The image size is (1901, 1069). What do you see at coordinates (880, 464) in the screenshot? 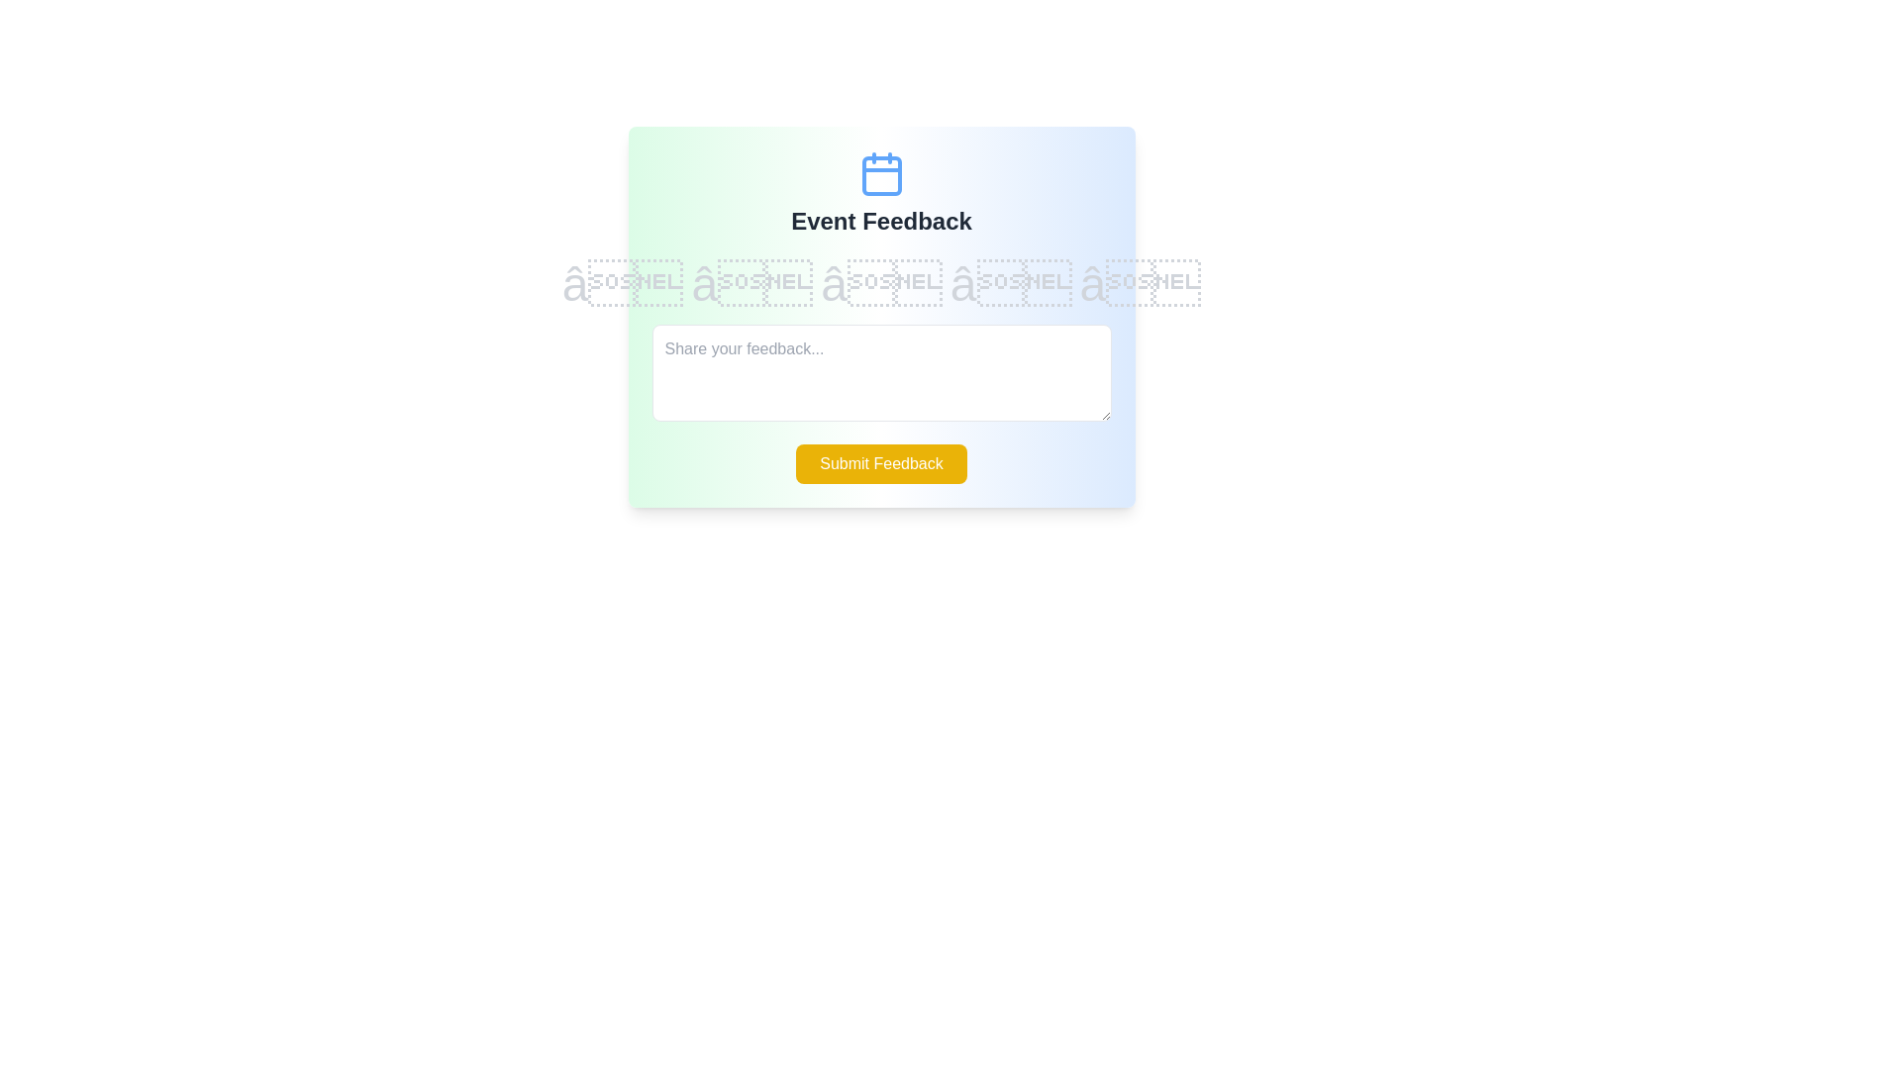
I see `the 'Submit Feedback' button` at bounding box center [880, 464].